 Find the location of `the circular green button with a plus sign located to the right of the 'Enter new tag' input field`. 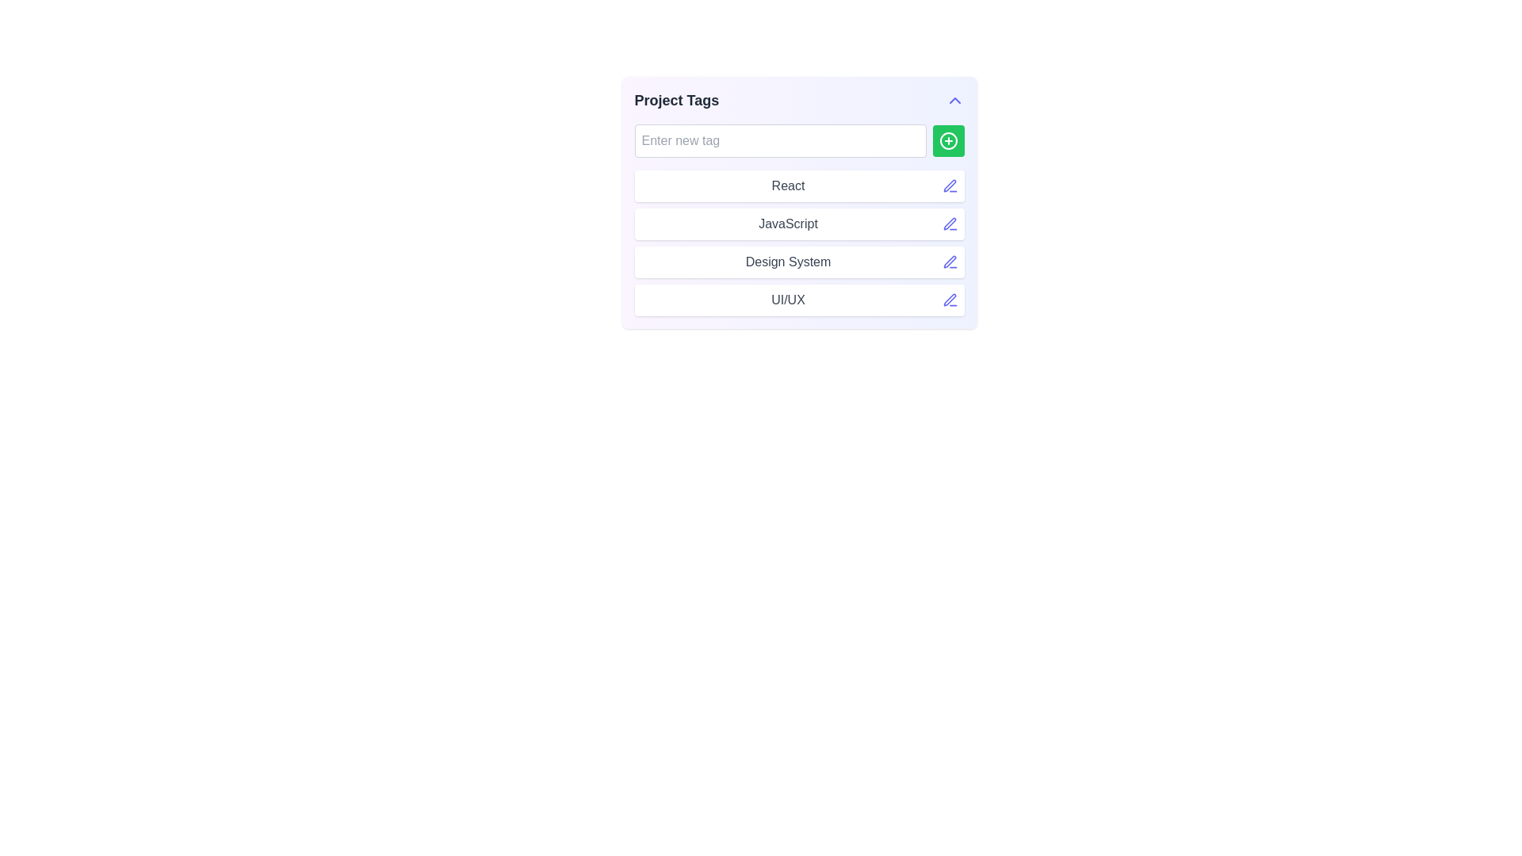

the circular green button with a plus sign located to the right of the 'Enter new tag' input field is located at coordinates (948, 139).